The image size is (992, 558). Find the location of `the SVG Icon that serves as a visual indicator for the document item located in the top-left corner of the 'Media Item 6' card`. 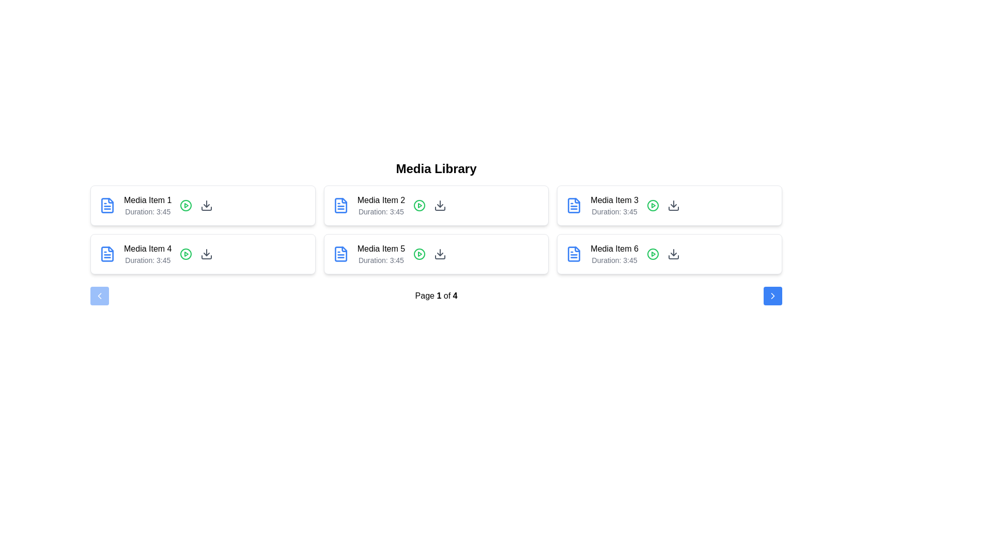

the SVG Icon that serves as a visual indicator for the document item located in the top-left corner of the 'Media Item 6' card is located at coordinates (574, 254).